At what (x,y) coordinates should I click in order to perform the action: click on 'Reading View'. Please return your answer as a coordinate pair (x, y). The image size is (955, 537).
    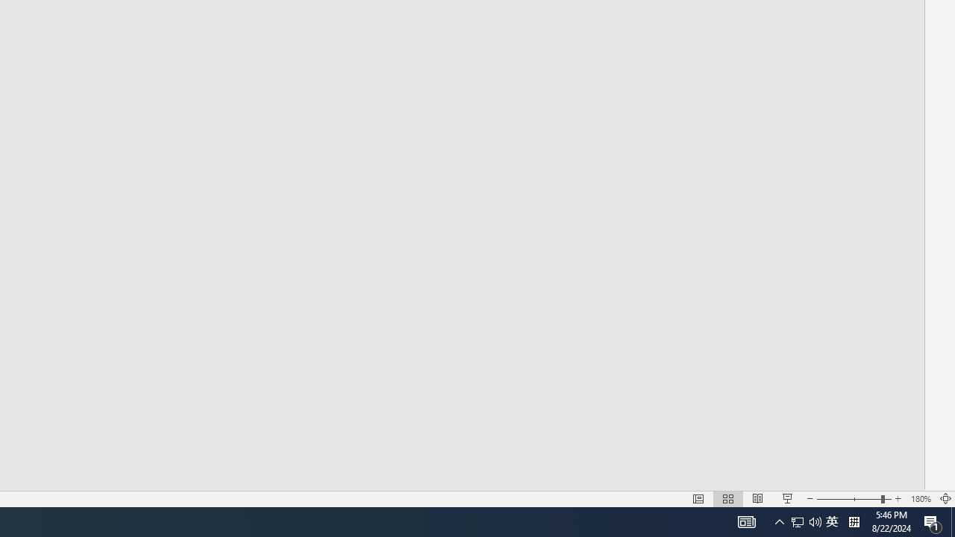
    Looking at the image, I should click on (757, 499).